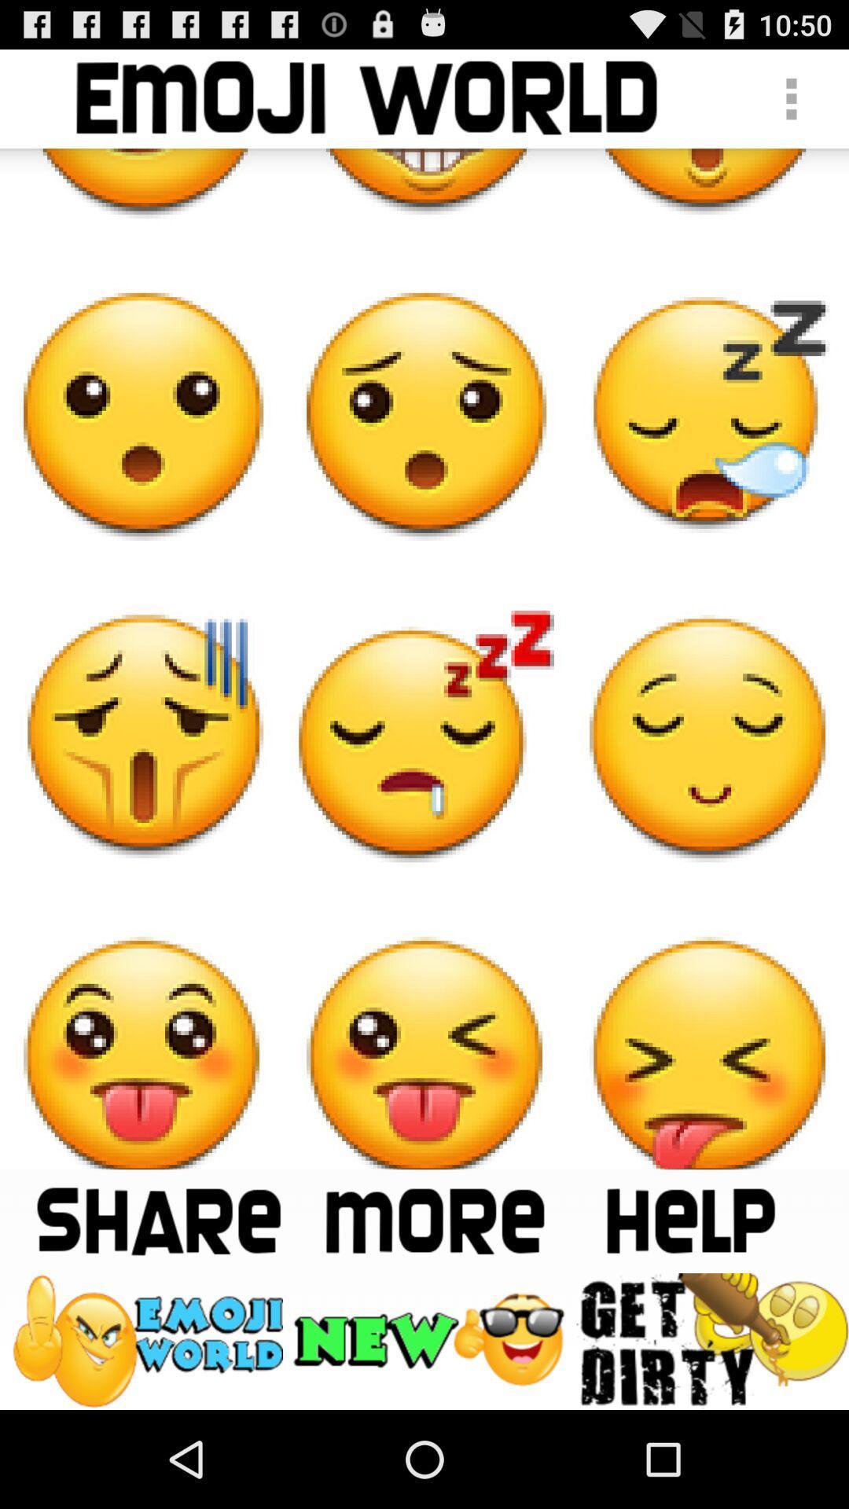  Describe the element at coordinates (435, 1220) in the screenshot. I see `see more` at that location.